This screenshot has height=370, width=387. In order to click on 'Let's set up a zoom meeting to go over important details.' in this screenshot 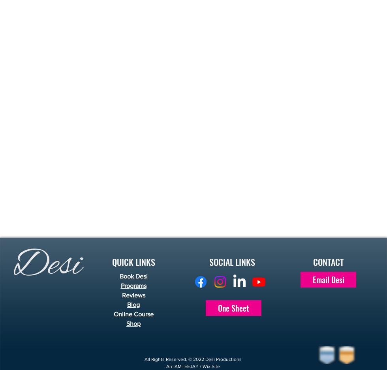, I will do `click(120, 23)`.